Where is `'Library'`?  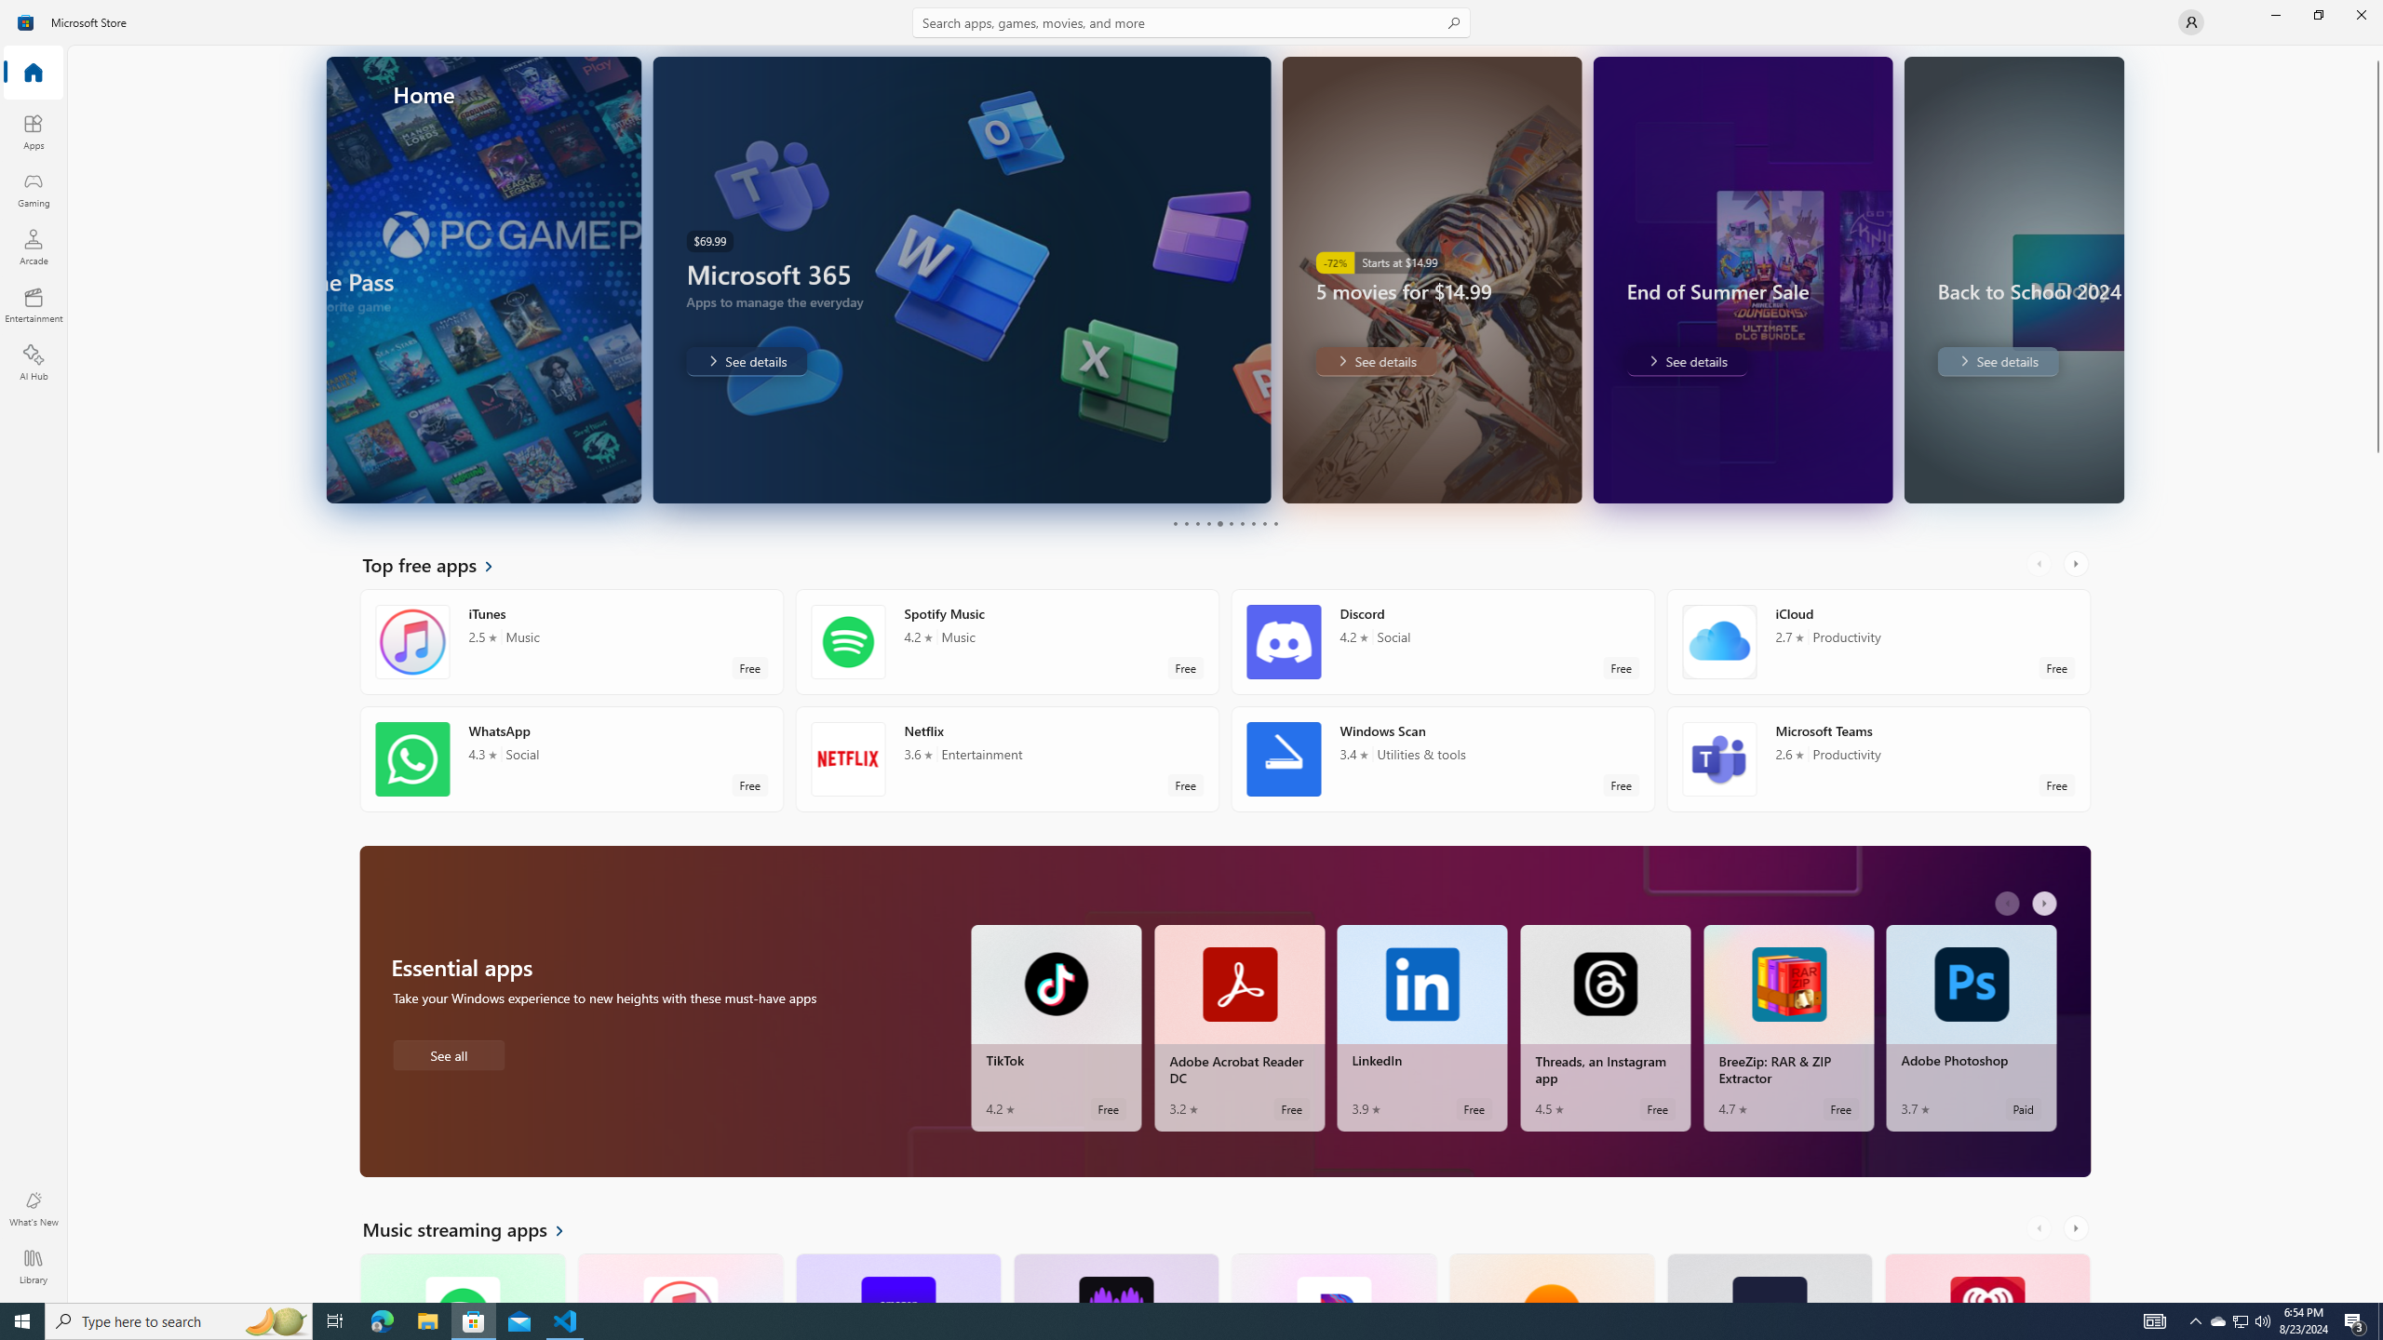 'Library' is located at coordinates (32, 1266).